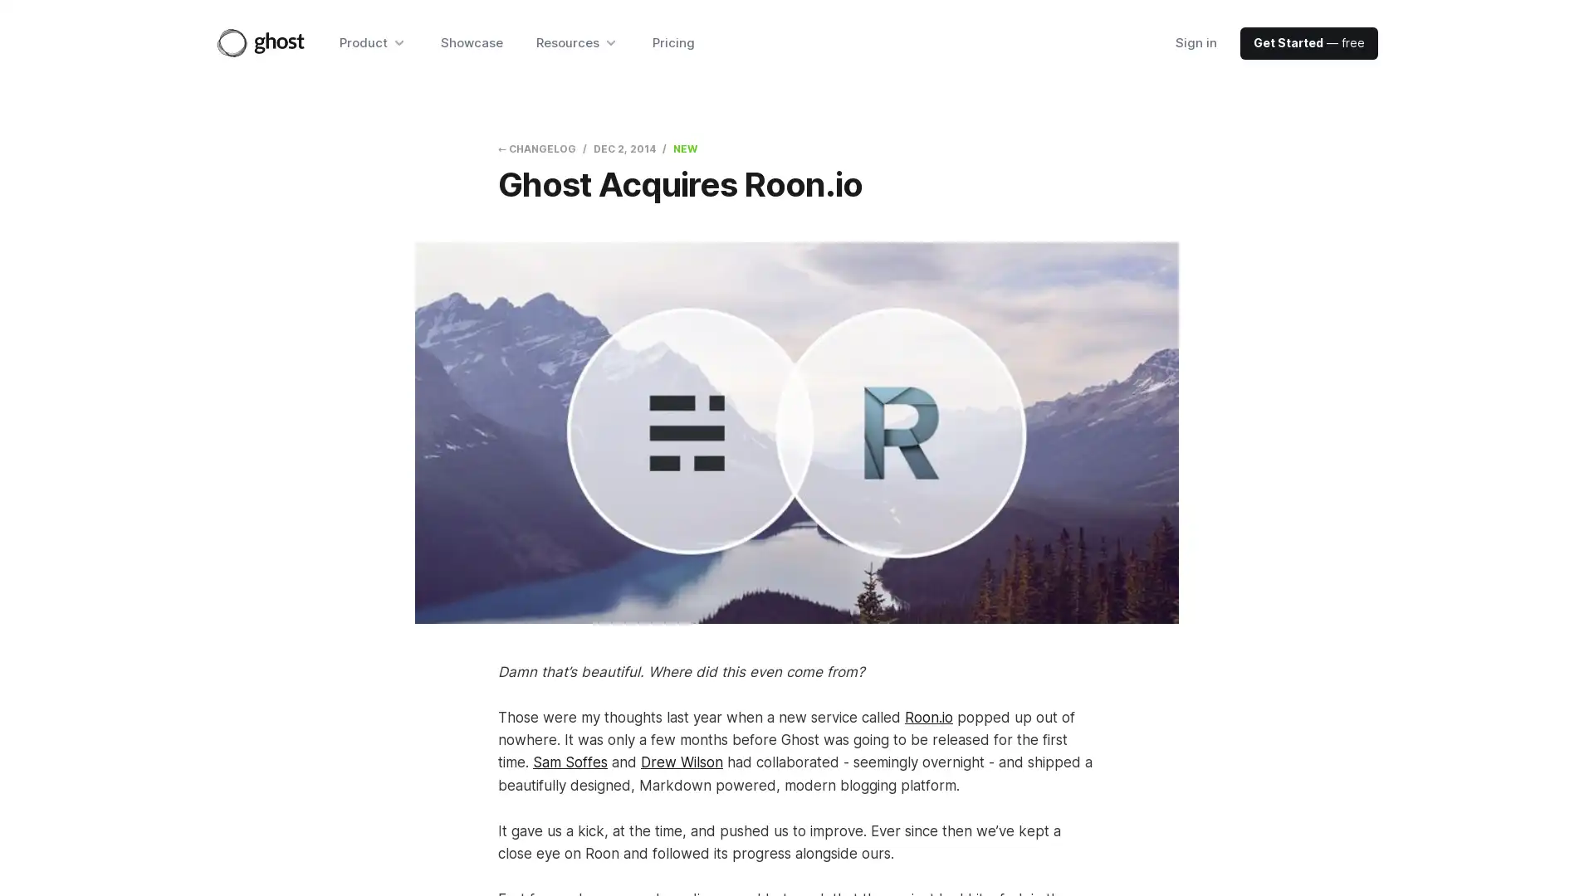  Describe the element at coordinates (372, 41) in the screenshot. I see `Product` at that location.